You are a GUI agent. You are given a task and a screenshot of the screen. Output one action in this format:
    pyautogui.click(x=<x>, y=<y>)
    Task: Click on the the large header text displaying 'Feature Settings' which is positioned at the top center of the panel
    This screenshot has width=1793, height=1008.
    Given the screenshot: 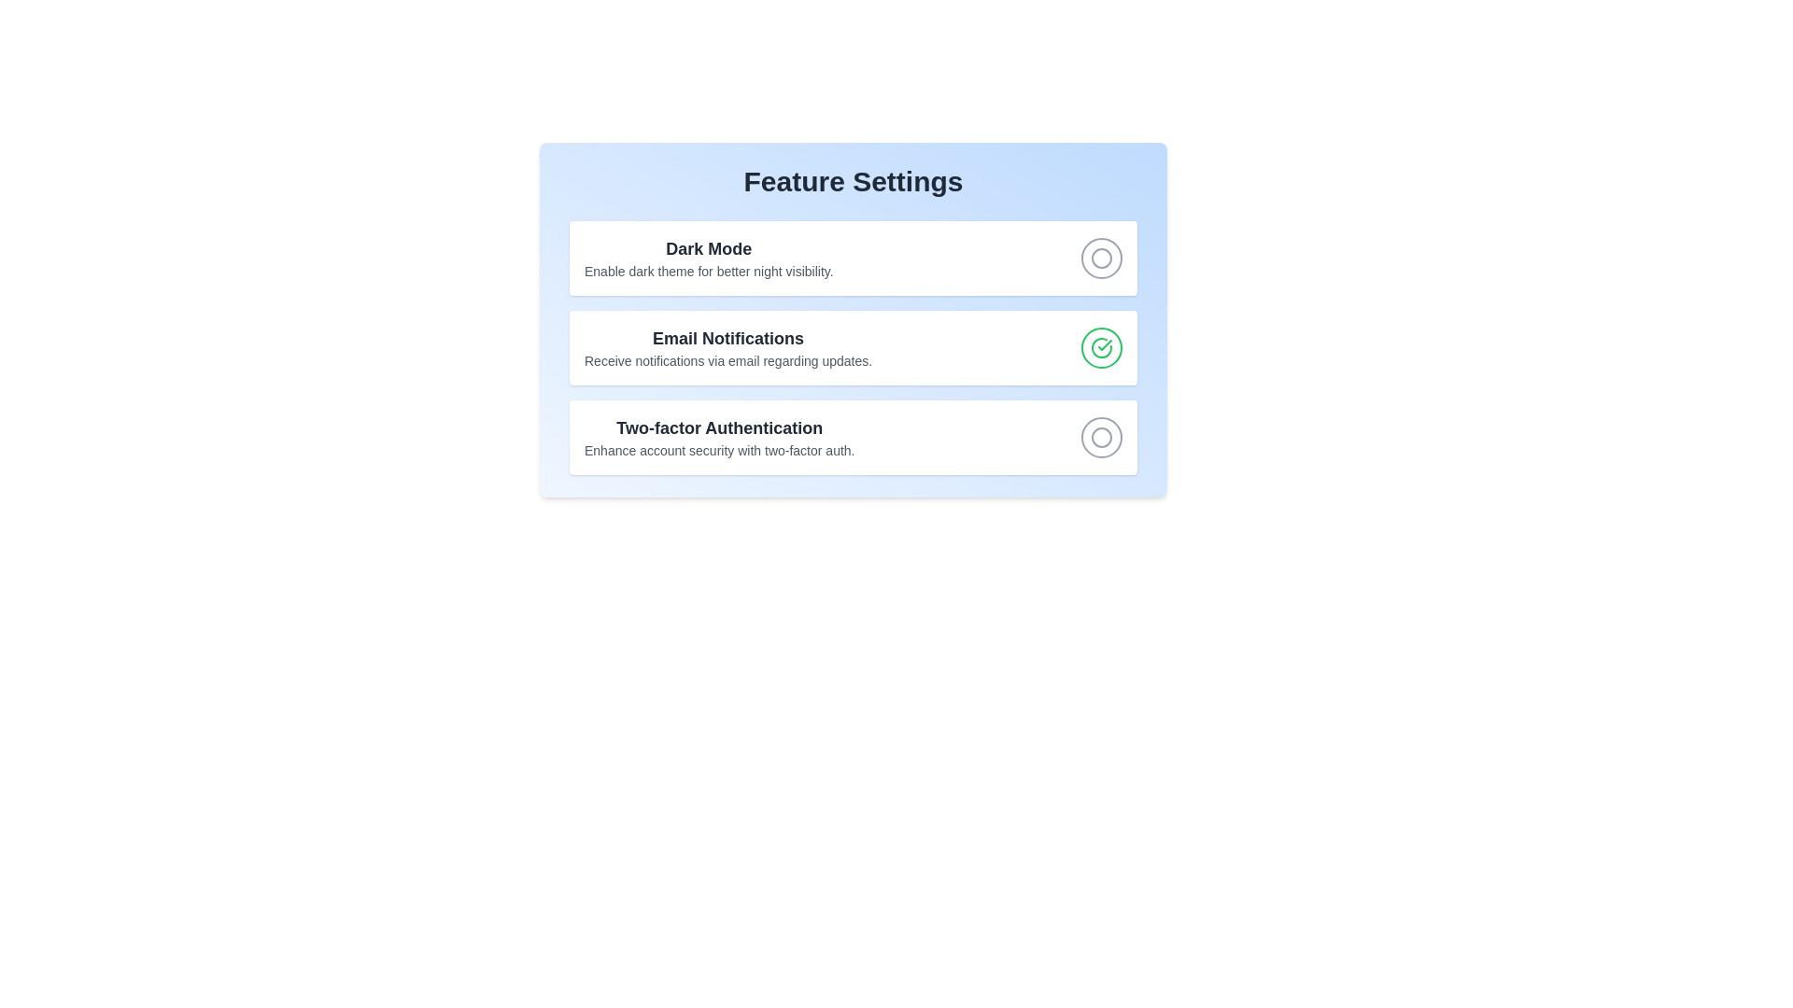 What is the action you would take?
    pyautogui.click(x=852, y=182)
    